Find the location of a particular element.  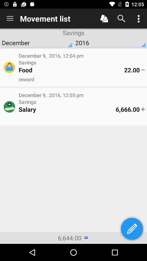

search is located at coordinates (121, 18).